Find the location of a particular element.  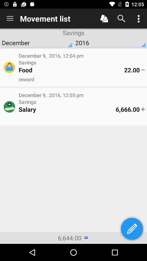

search is located at coordinates (121, 18).